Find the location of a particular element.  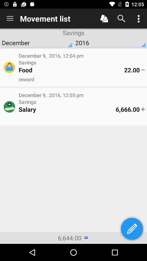

search is located at coordinates (121, 18).